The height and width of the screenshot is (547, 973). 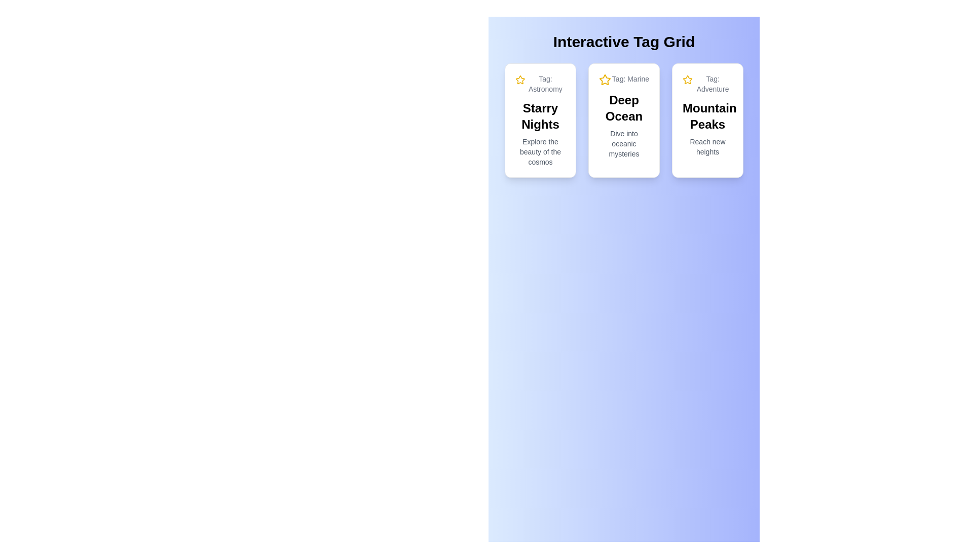 I want to click on message displayed in the text component that says 'Explore the beauty of the cosmos', which is located below the heading 'Starry Nights' in the astronomy card, so click(x=540, y=152).